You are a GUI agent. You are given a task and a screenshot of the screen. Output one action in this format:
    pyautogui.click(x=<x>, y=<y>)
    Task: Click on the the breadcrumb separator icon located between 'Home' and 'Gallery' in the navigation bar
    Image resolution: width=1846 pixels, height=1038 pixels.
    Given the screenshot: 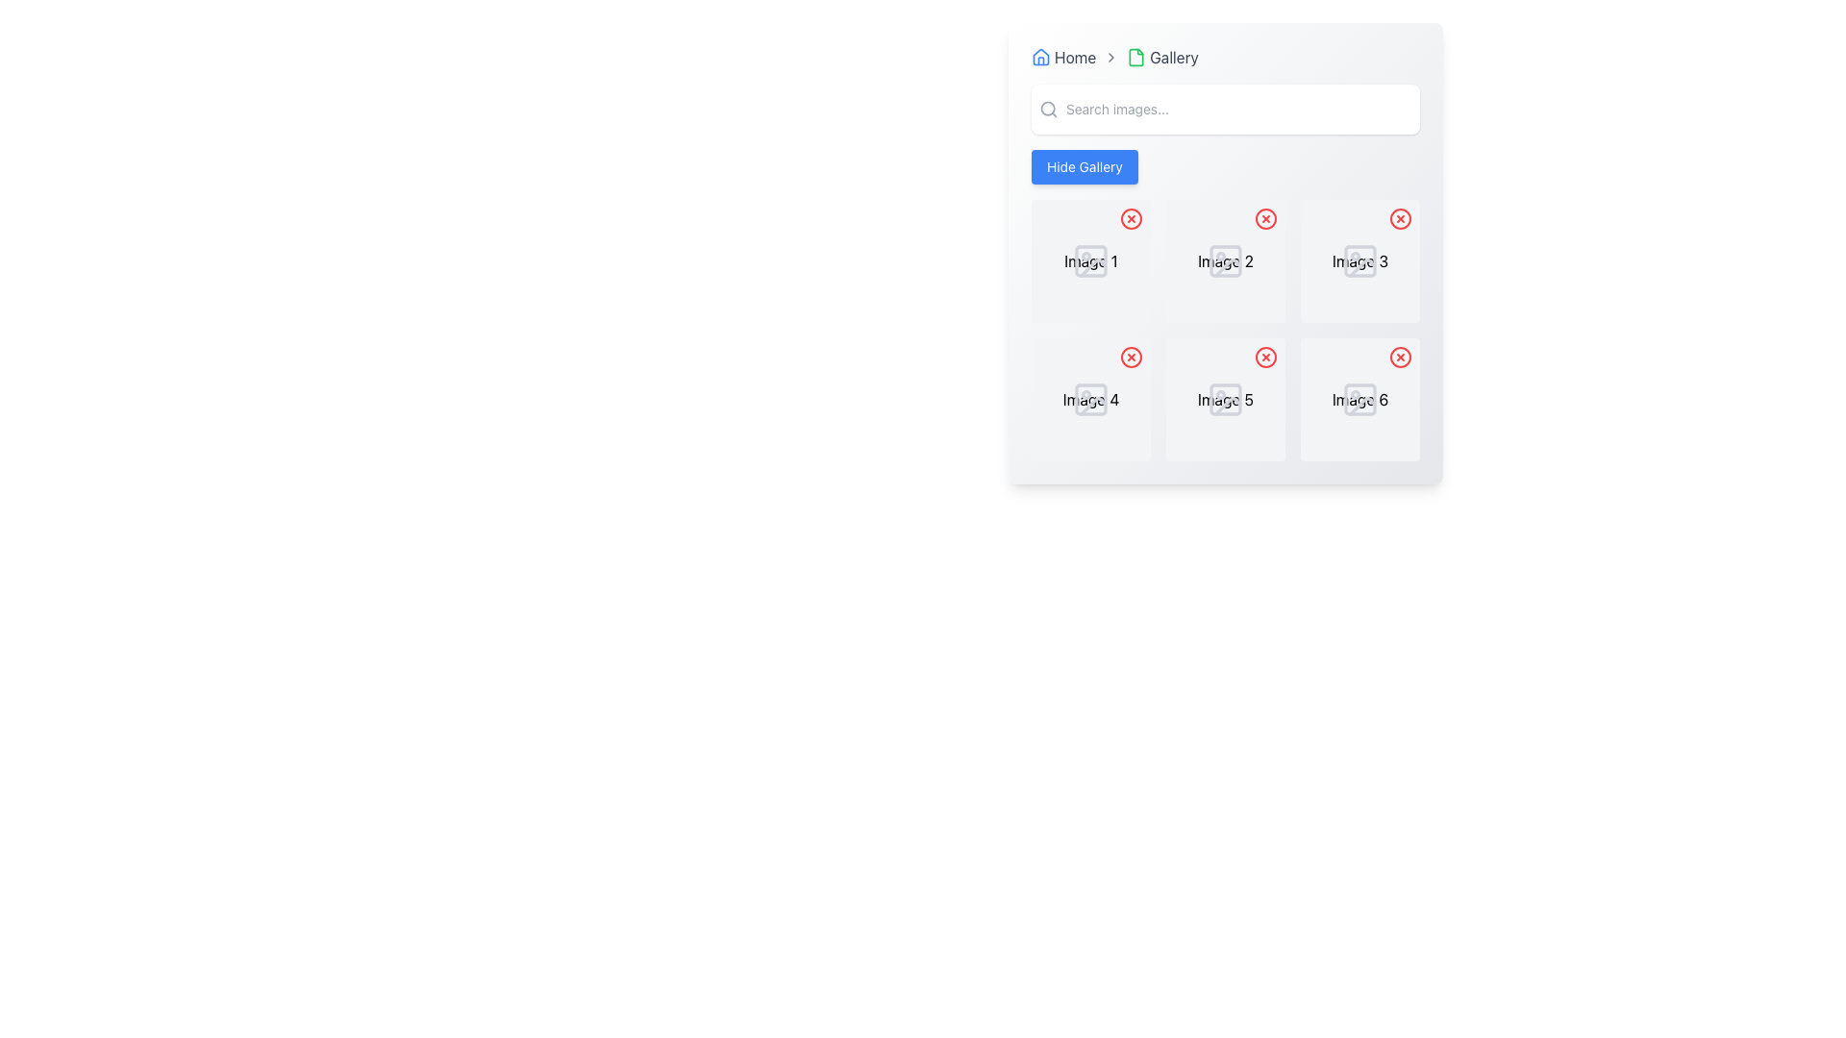 What is the action you would take?
    pyautogui.click(x=1111, y=57)
    